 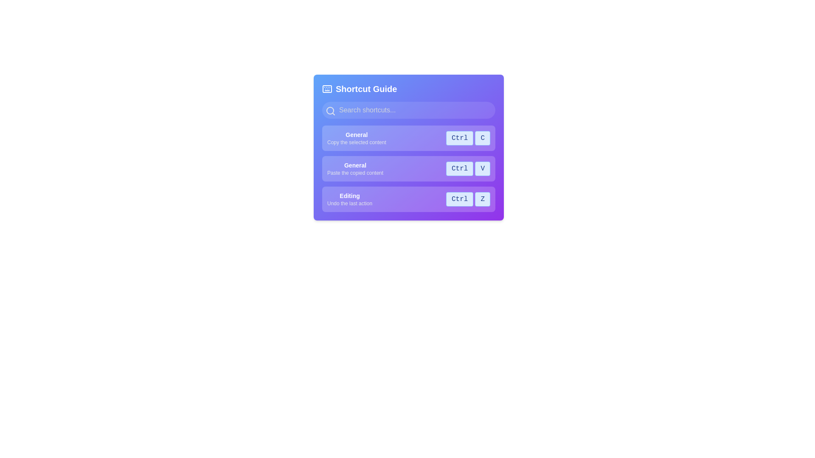 What do you see at coordinates (350, 199) in the screenshot?
I see `the Text description label that provides information about the 'Ctrl + Z' shortcut, located at the bottom of the 'Shortcut Guide' interface` at bounding box center [350, 199].